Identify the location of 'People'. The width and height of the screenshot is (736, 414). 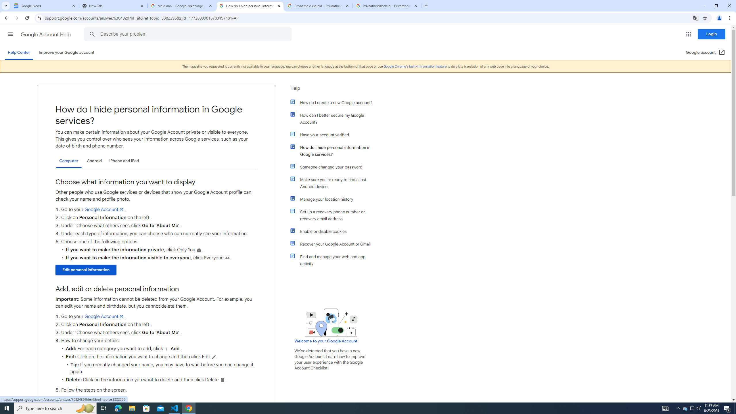
(227, 258).